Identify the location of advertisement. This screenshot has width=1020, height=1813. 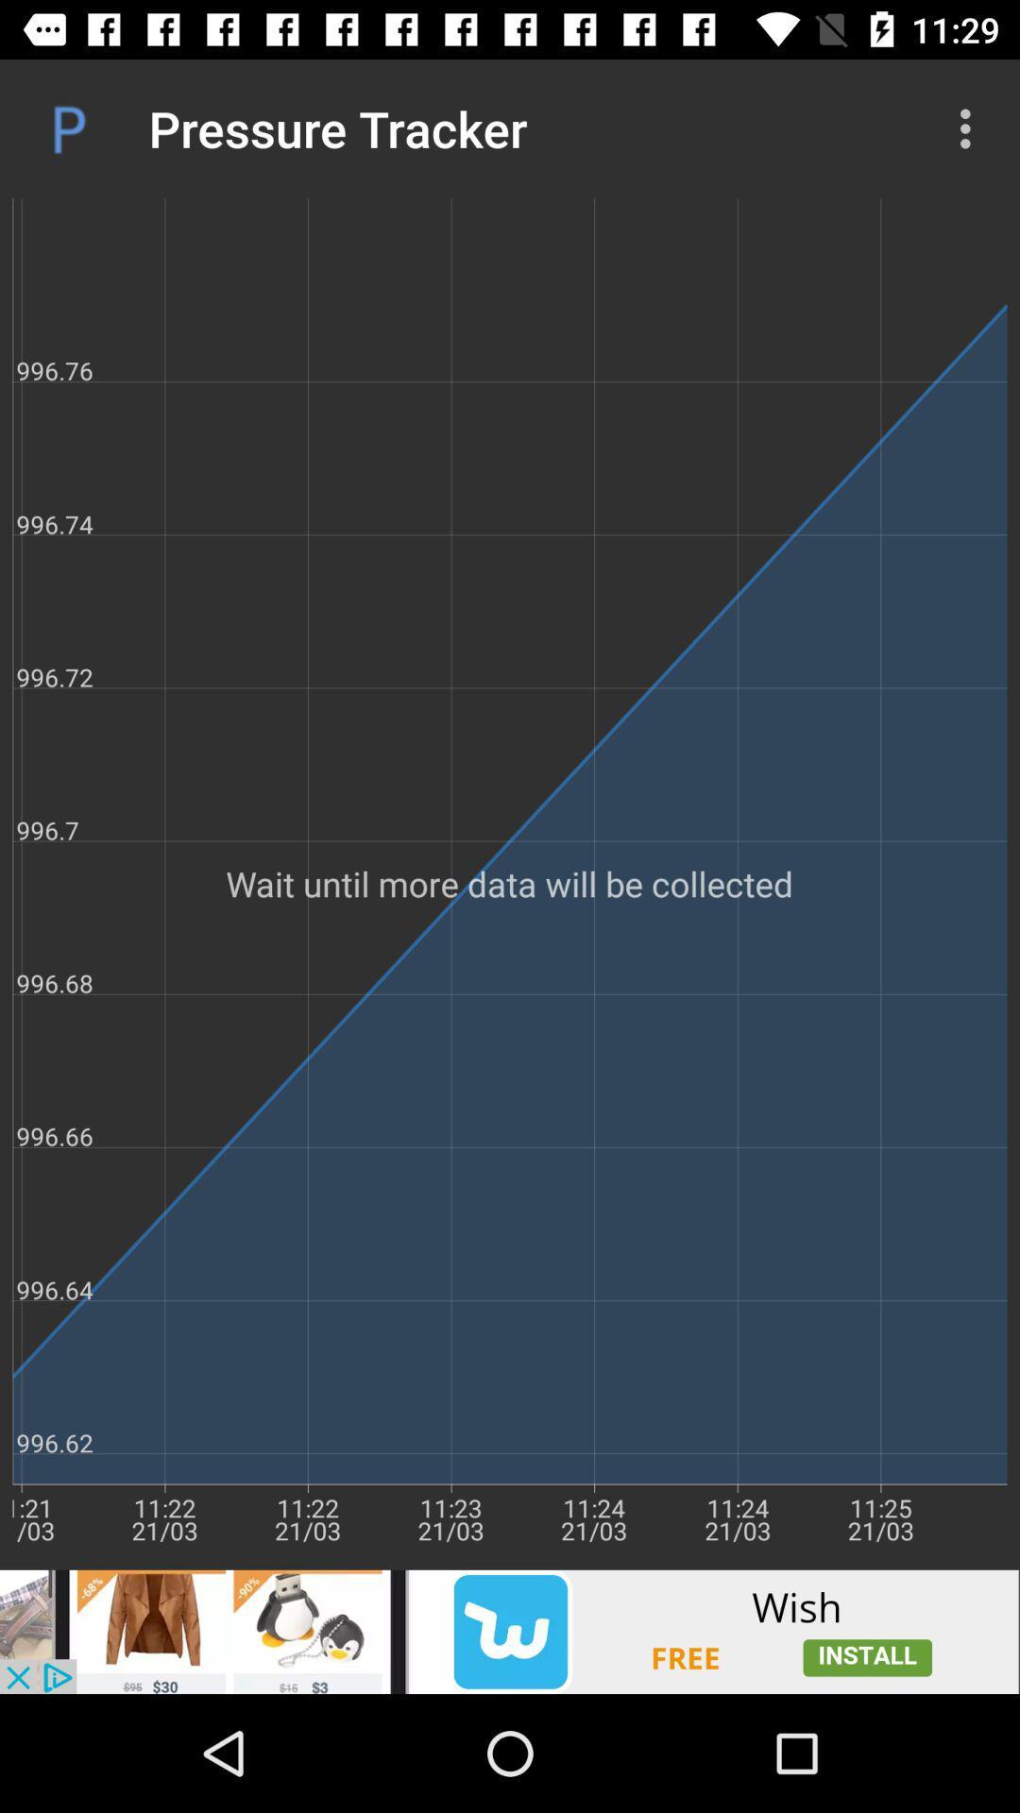
(510, 1631).